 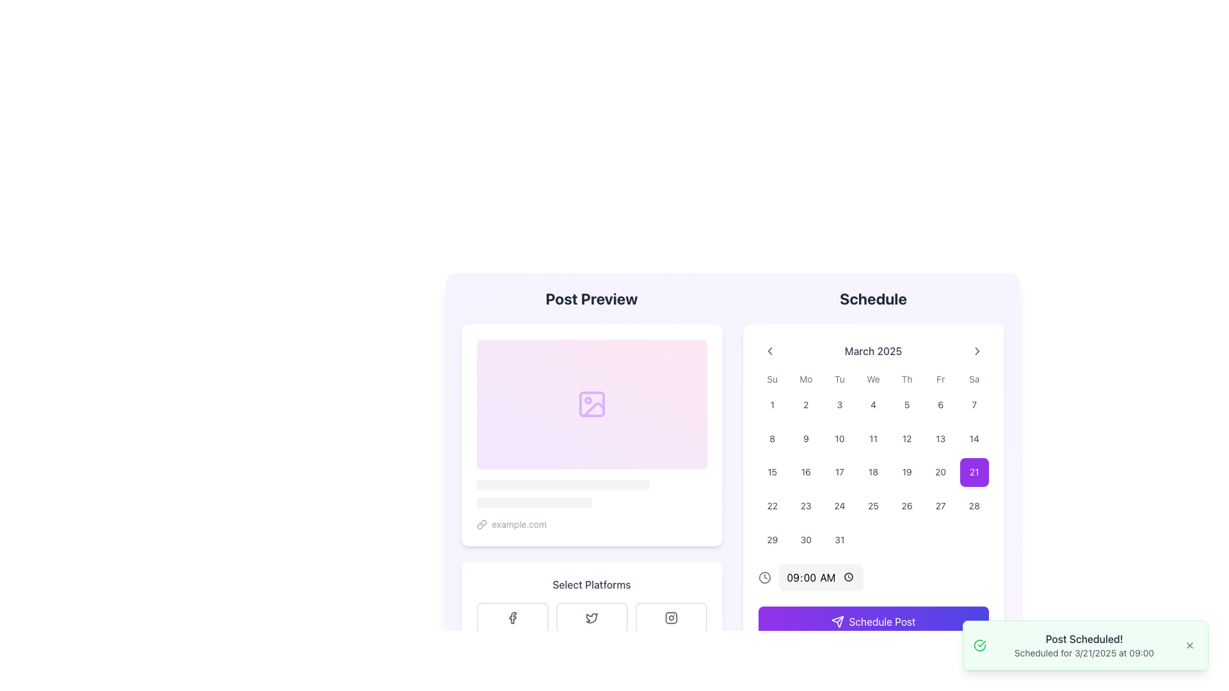 What do you see at coordinates (591, 617) in the screenshot?
I see `the interactive Twitter button located in the middle of the row under 'Select Platforms'` at bounding box center [591, 617].